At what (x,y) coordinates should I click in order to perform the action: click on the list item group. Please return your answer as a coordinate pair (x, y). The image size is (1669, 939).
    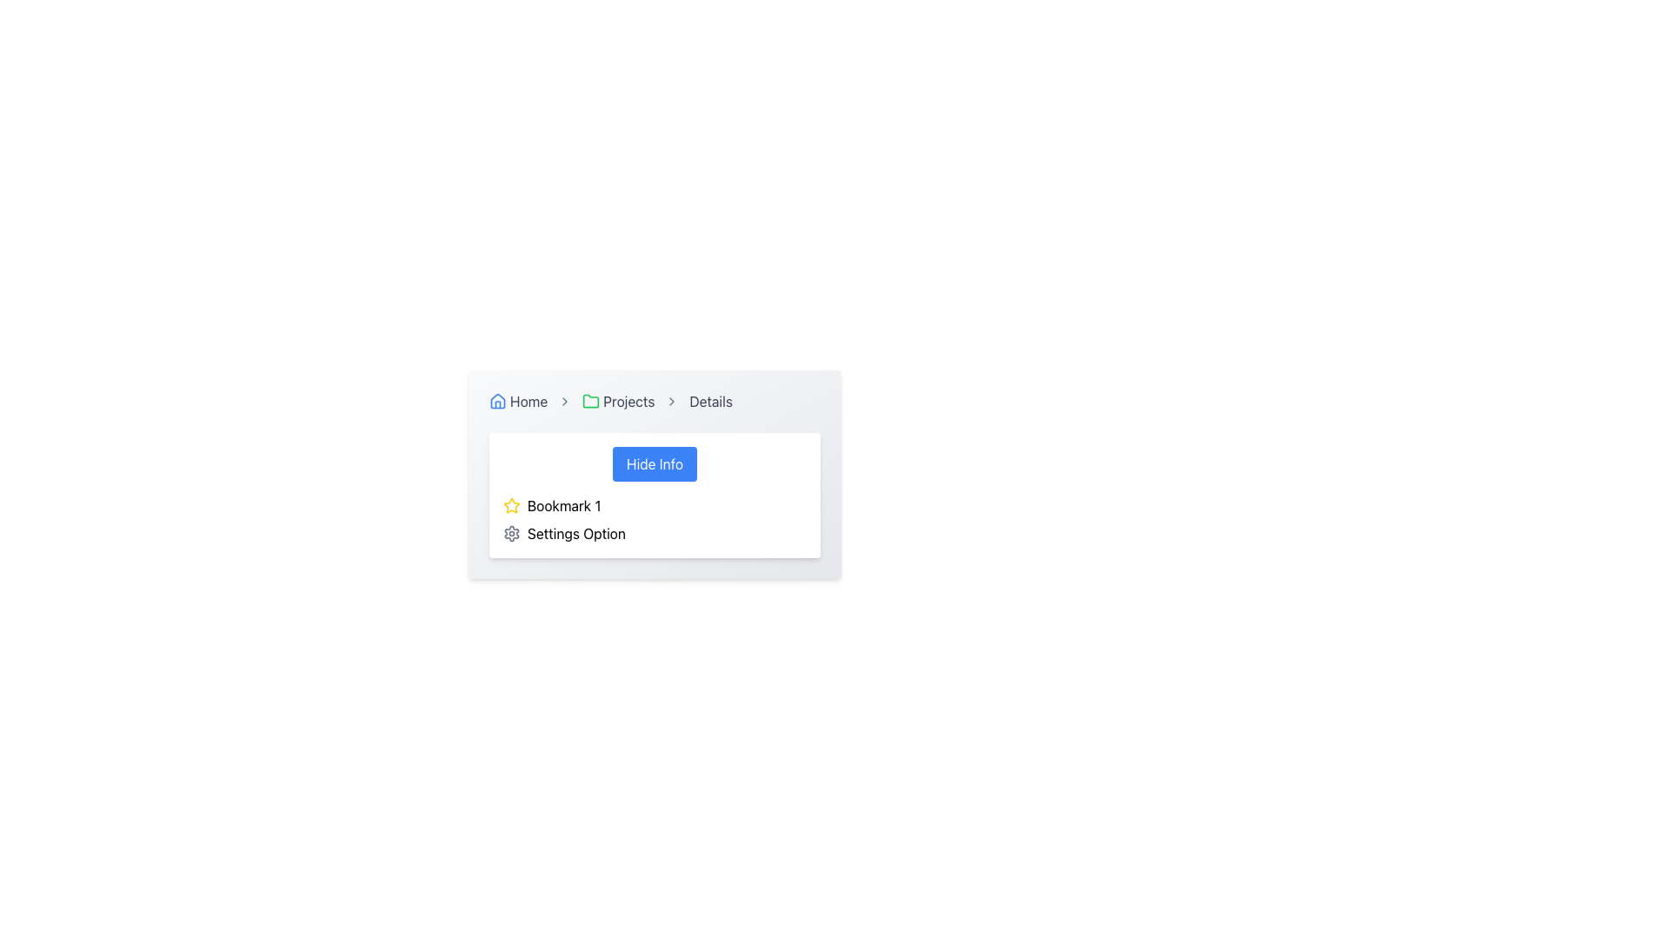
    Looking at the image, I should click on (654, 518).